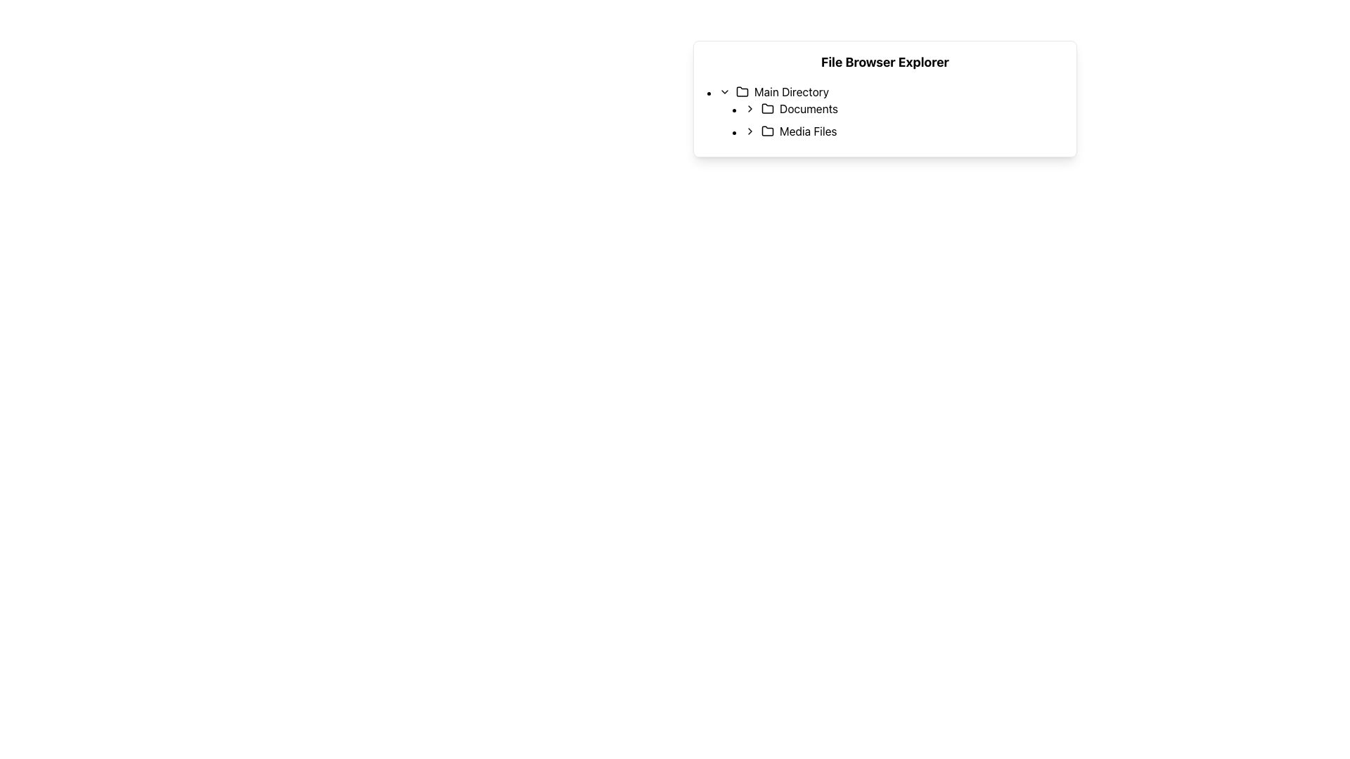 The height and width of the screenshot is (759, 1350). I want to click on the 'Media Files' text label located under the 'Documents' in the file navigation interface, so click(808, 131).